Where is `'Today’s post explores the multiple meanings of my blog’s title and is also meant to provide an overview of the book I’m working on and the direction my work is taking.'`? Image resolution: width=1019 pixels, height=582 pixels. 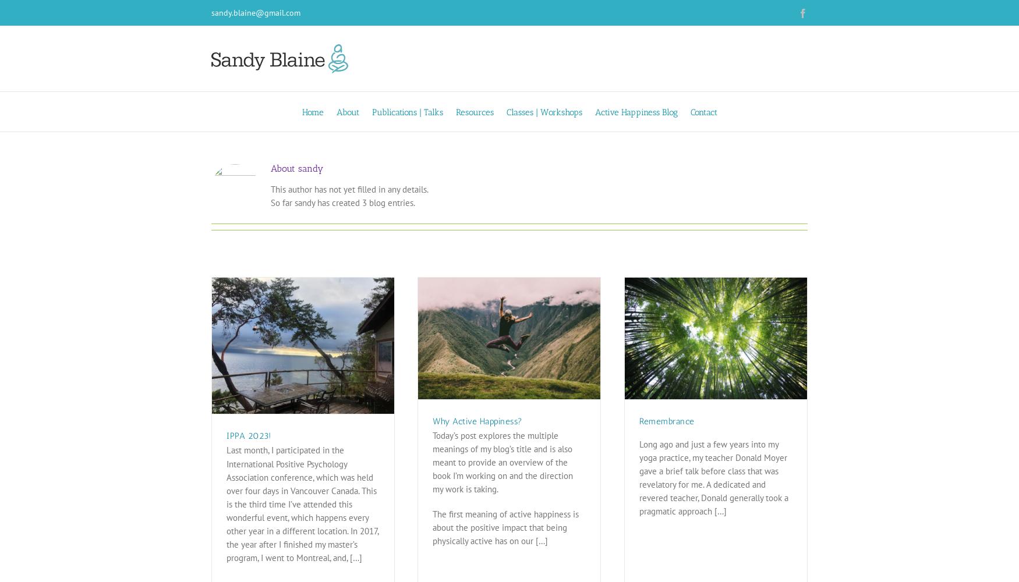 'Today’s post explores the multiple meanings of my blog’s title and is also meant to provide an overview of the book I’m working on and the direction my work is taking.' is located at coordinates (503, 462).